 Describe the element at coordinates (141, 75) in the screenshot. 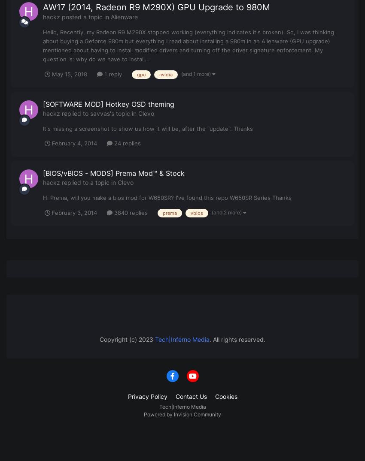

I see `'gpu'` at that location.